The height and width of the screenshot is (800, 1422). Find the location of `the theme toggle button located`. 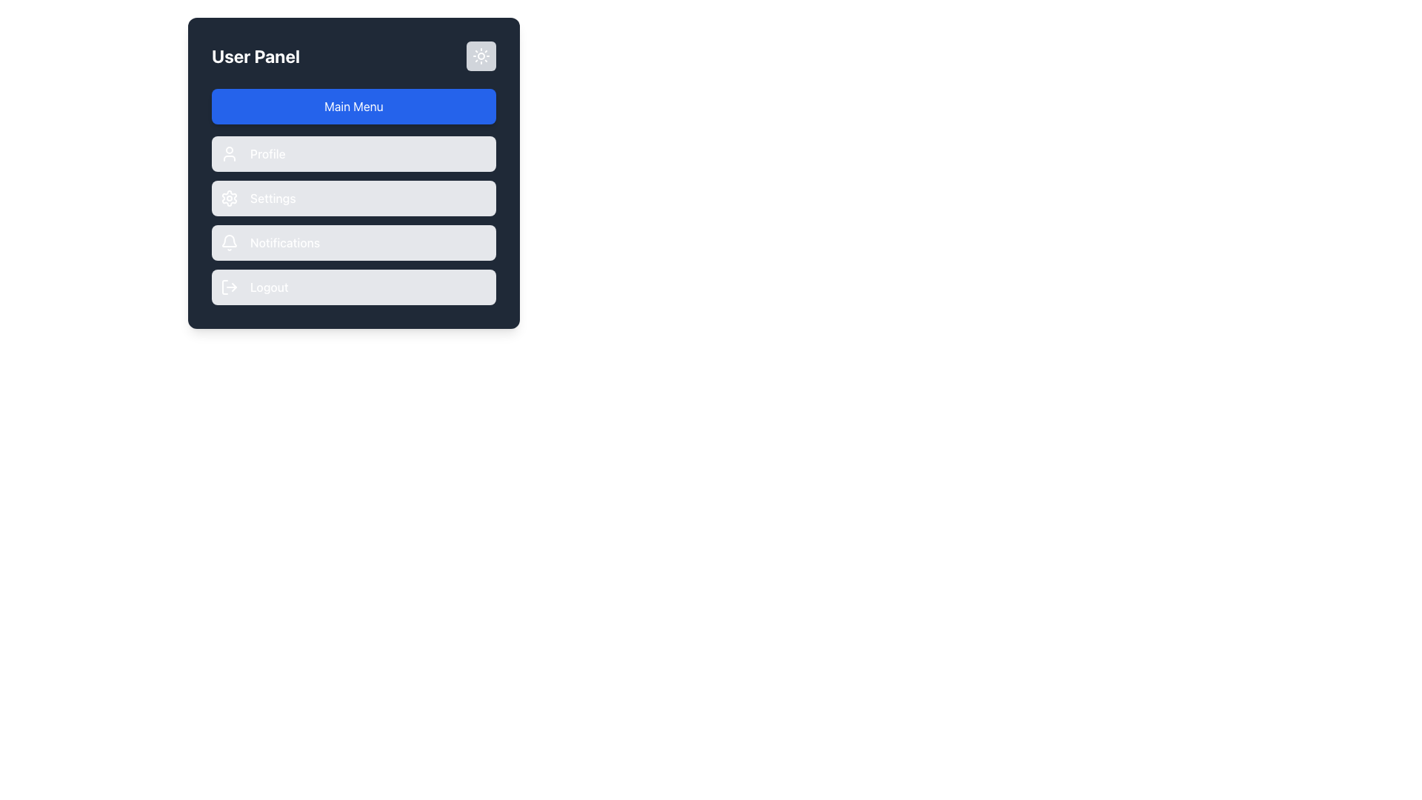

the theme toggle button located is located at coordinates (481, 56).